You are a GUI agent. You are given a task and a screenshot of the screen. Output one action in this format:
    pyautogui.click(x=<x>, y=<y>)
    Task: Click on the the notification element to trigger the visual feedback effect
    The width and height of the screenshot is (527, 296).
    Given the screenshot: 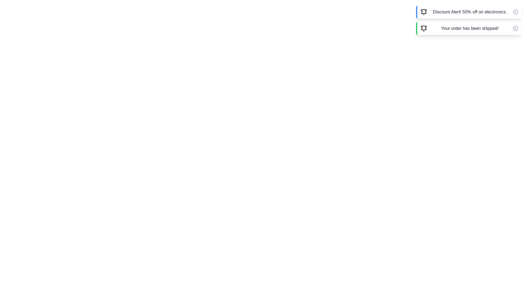 What is the action you would take?
    pyautogui.click(x=469, y=12)
    